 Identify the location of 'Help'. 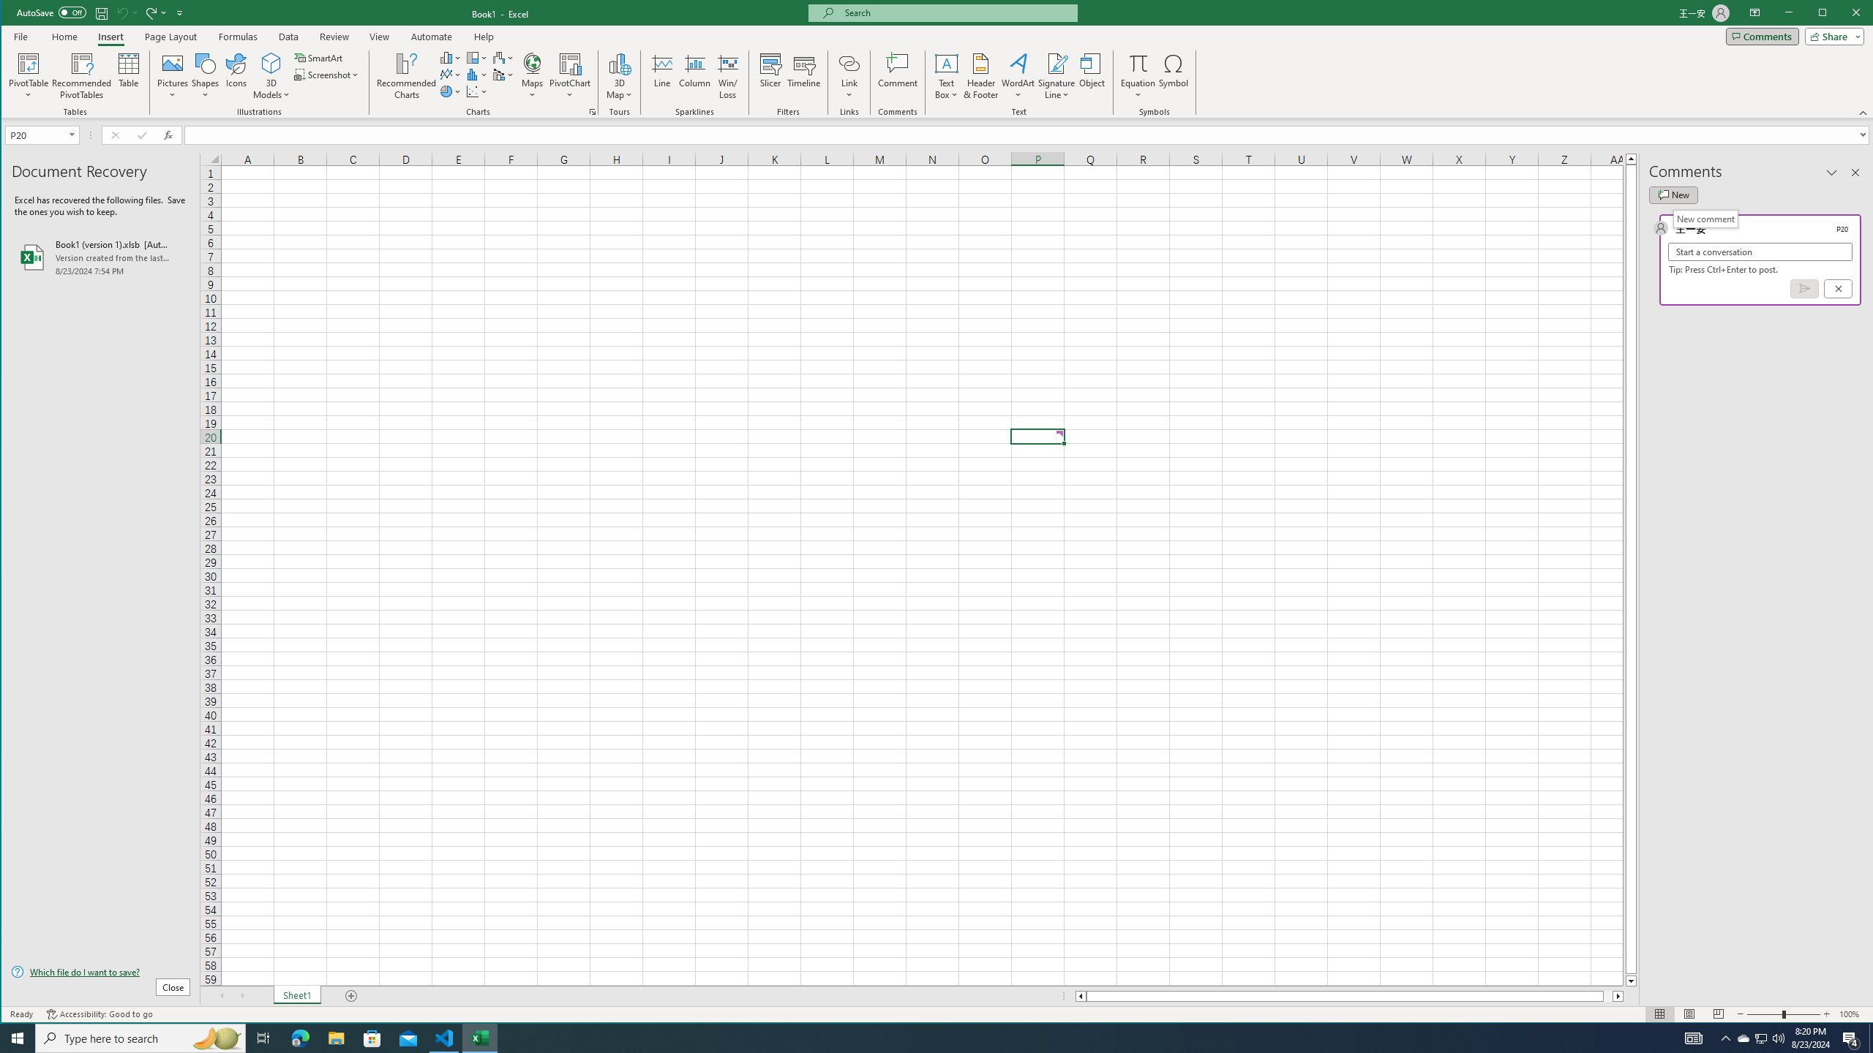
(483, 36).